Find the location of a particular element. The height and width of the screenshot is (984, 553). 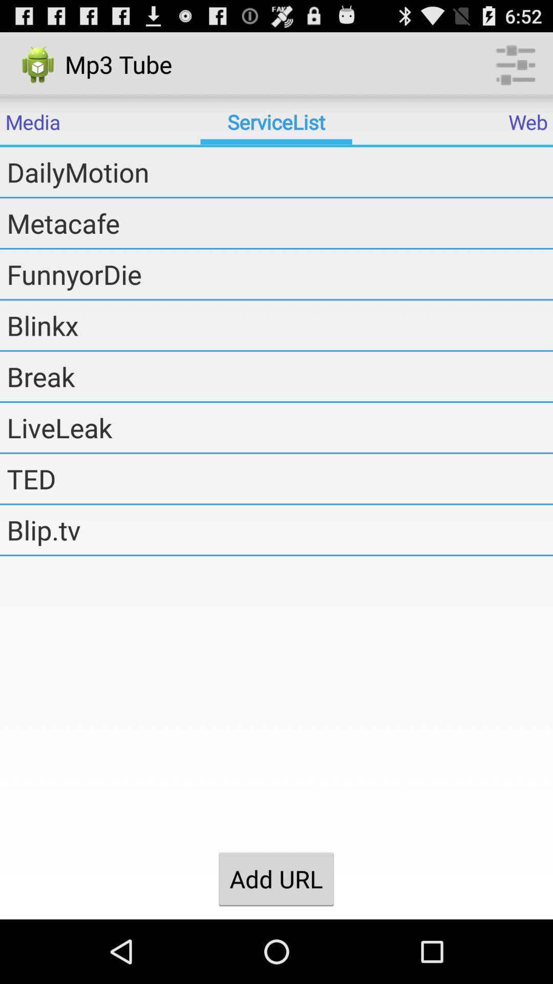

item above funnyordie icon is located at coordinates (280, 222).